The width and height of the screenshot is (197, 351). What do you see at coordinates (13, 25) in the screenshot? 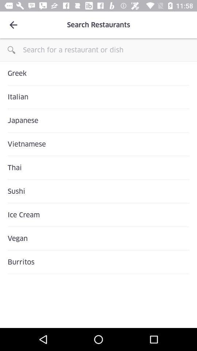
I see `the item to the left of the search restaurants` at bounding box center [13, 25].